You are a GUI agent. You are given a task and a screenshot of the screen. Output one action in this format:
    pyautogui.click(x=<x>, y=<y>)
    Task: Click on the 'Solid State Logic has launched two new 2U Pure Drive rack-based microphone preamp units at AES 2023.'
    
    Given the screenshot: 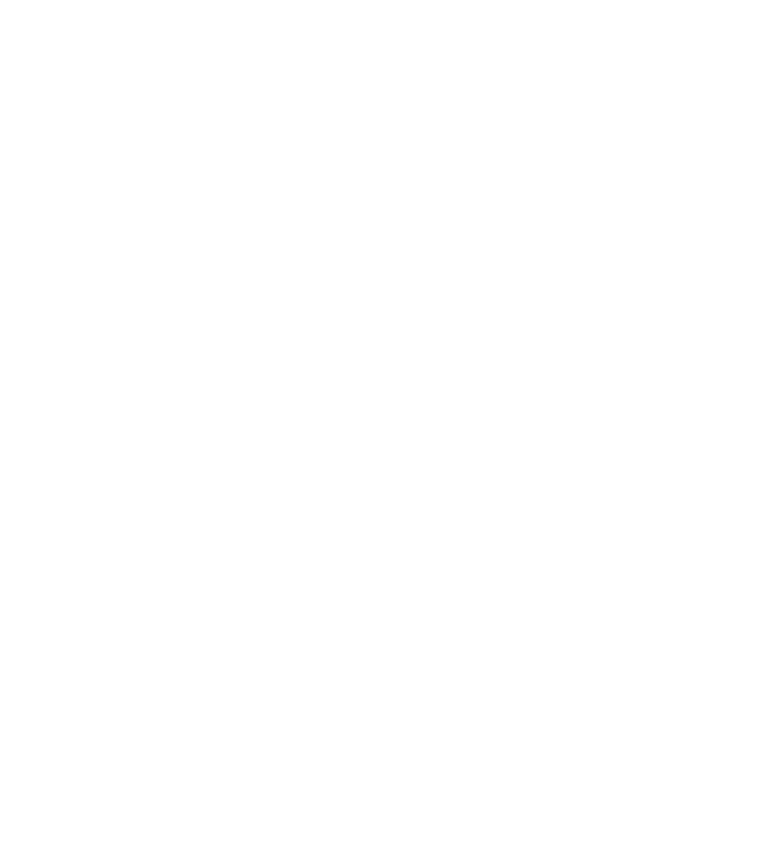 What is the action you would take?
    pyautogui.click(x=325, y=192)
    